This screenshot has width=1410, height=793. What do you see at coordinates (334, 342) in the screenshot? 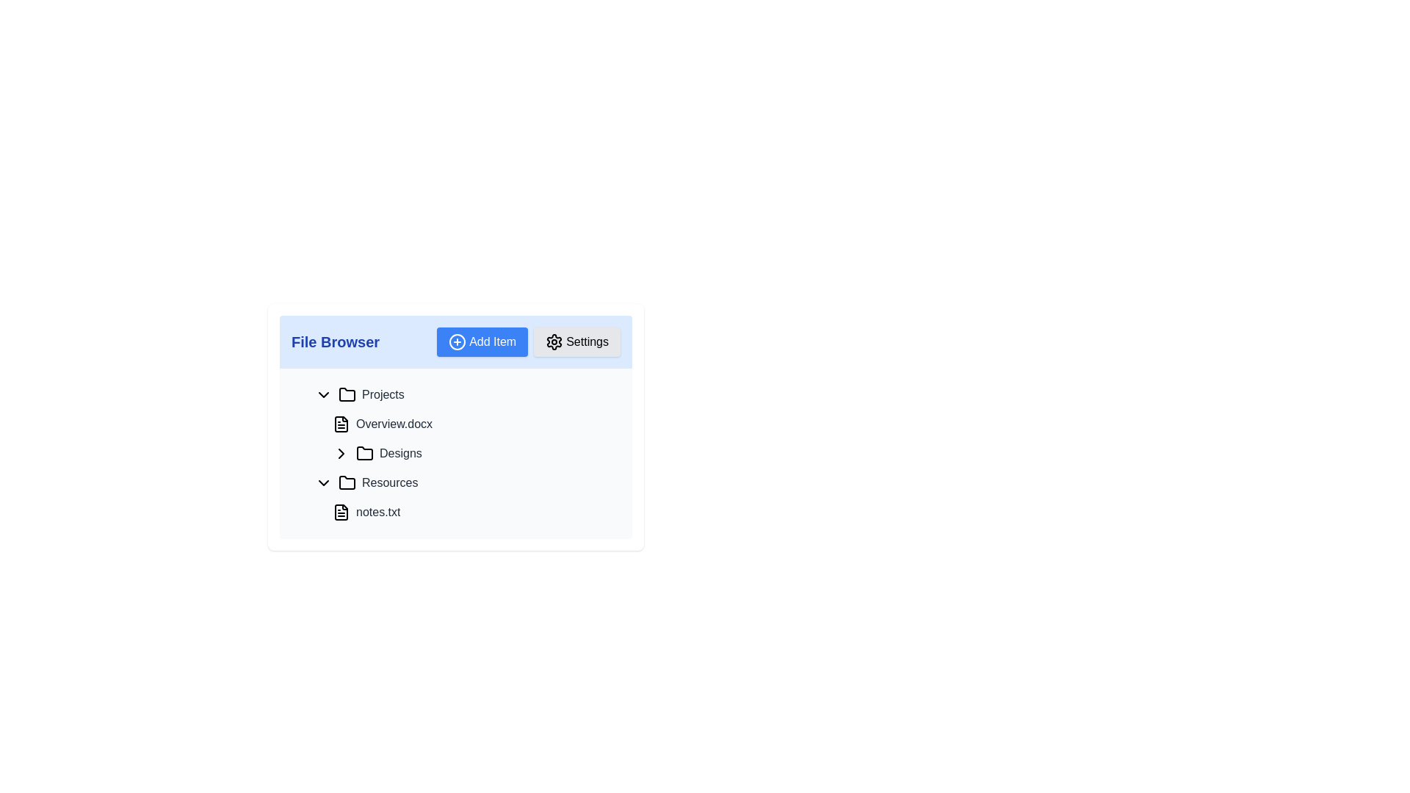
I see `the Text label or heading located in the leftmost position of the blue header section, which indicates the purpose of the section below it` at bounding box center [334, 342].